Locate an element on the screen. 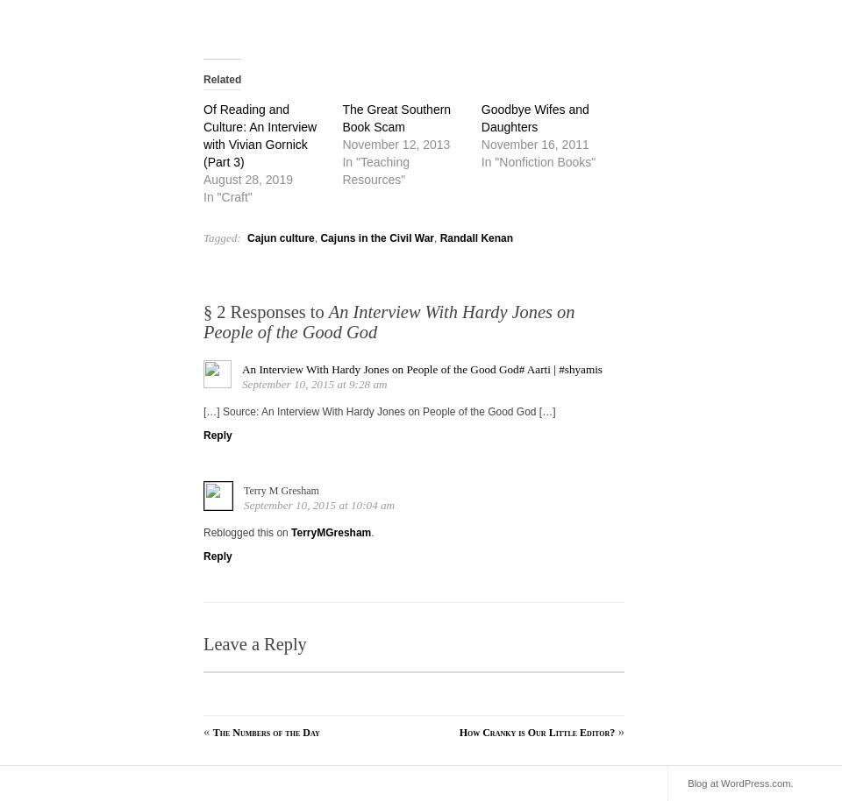 The image size is (842, 801). 'Tagged:' is located at coordinates (220, 237).